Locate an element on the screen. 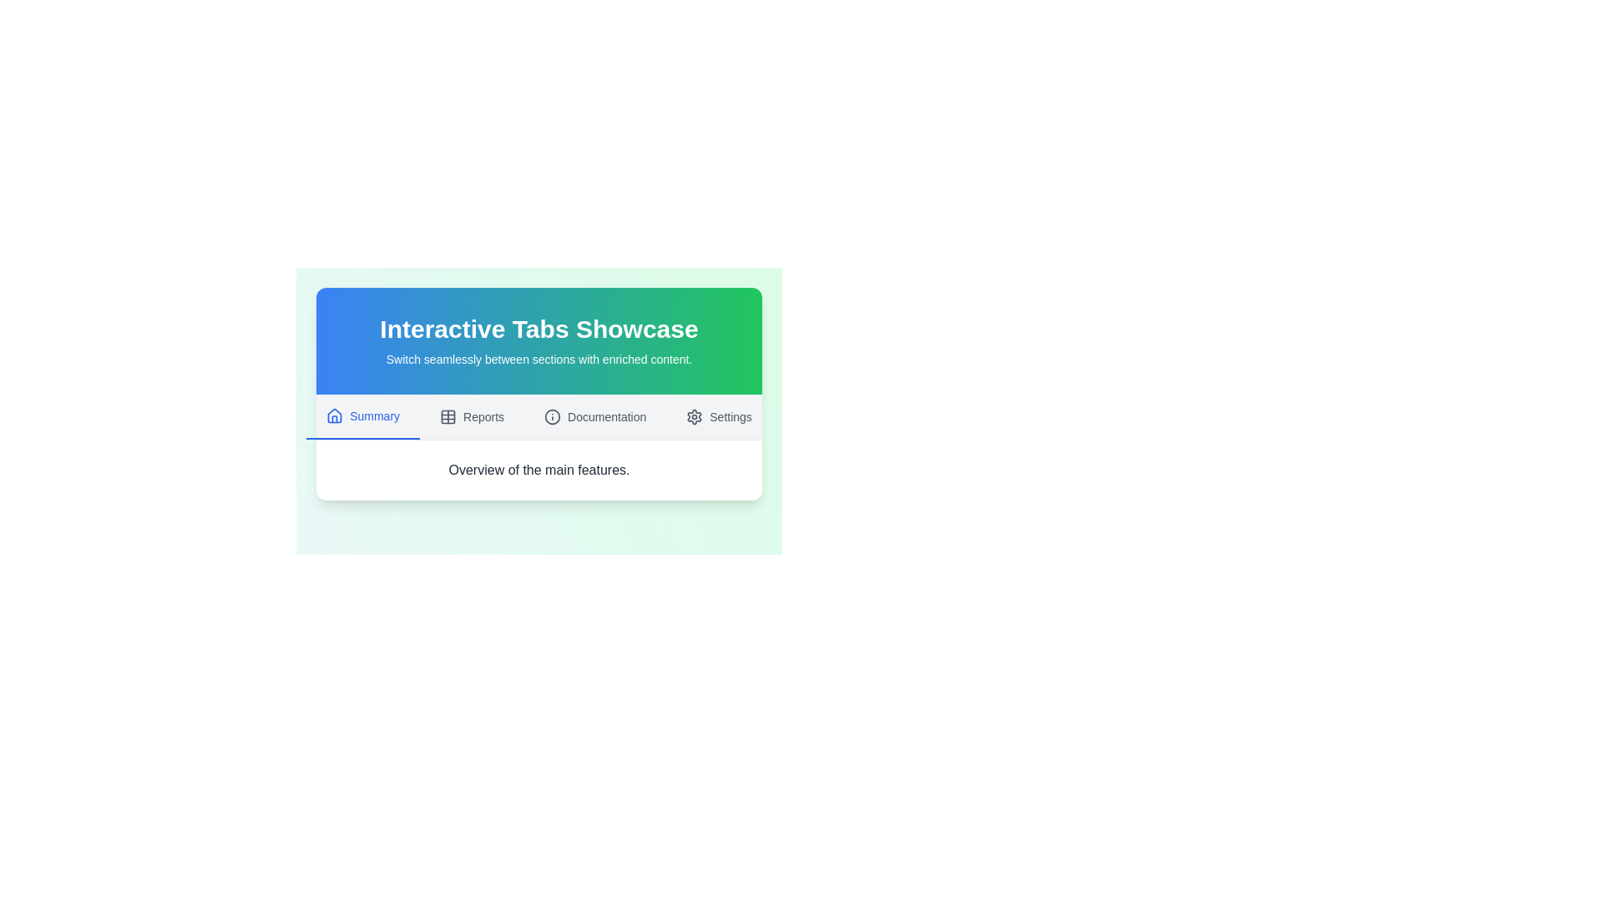 The image size is (1603, 901). the descriptive label located below the navigation bar, which provides an overview of the features discussed under the 'Summary' tab is located at coordinates (539, 470).